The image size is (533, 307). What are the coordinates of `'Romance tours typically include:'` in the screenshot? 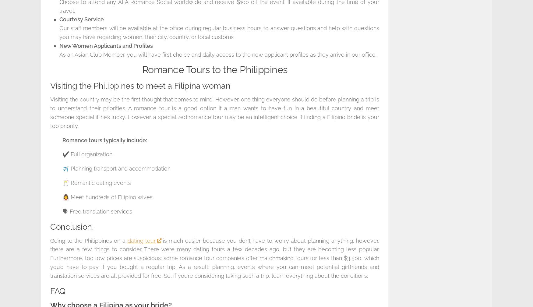 It's located at (105, 140).